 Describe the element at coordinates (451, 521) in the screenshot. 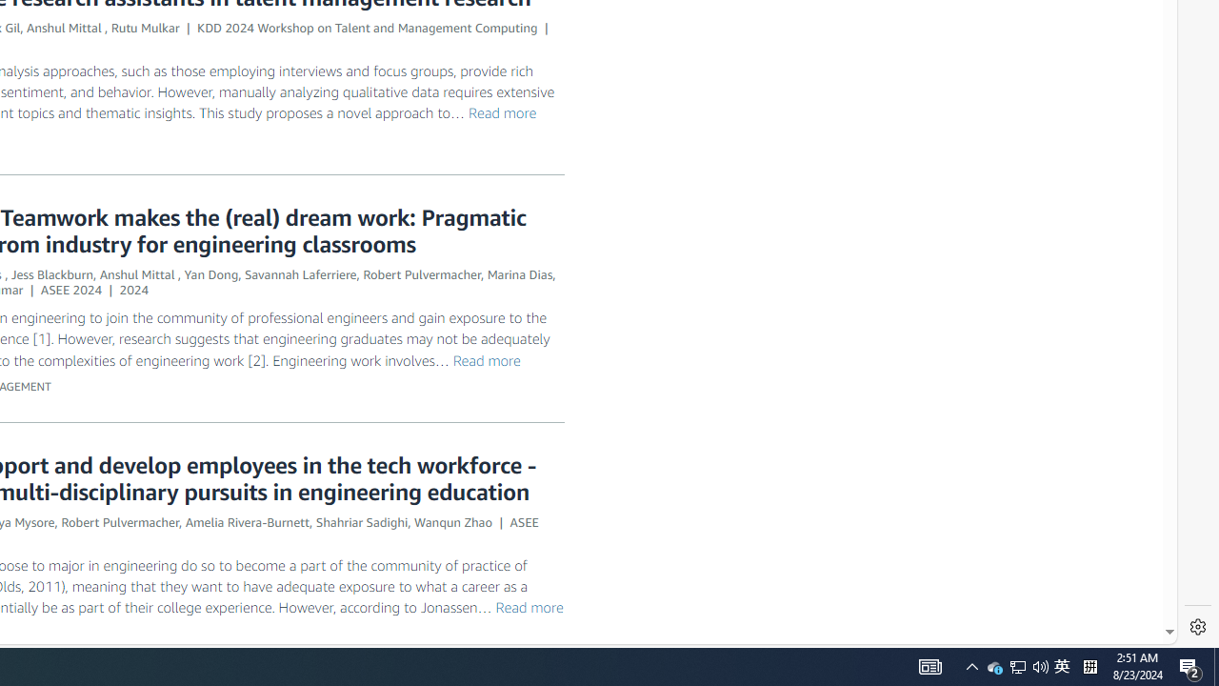

I see `'Wanqun Zhao'` at that location.